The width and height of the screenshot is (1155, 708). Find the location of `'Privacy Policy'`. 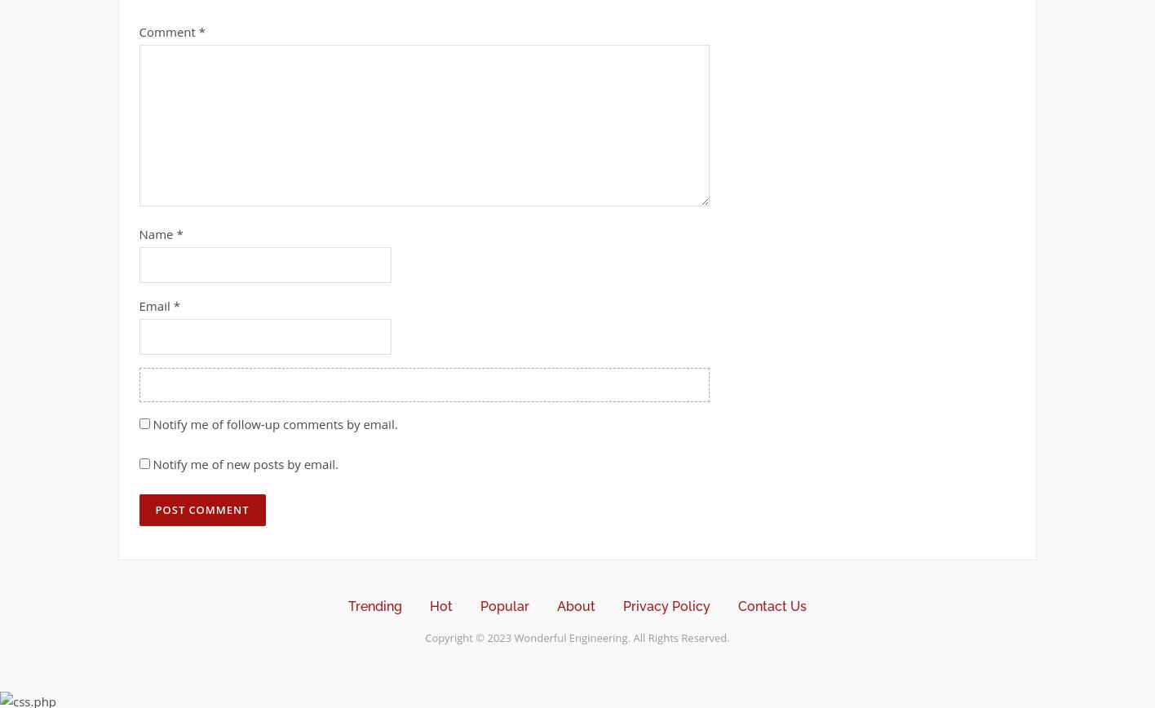

'Privacy Policy' is located at coordinates (622, 605).